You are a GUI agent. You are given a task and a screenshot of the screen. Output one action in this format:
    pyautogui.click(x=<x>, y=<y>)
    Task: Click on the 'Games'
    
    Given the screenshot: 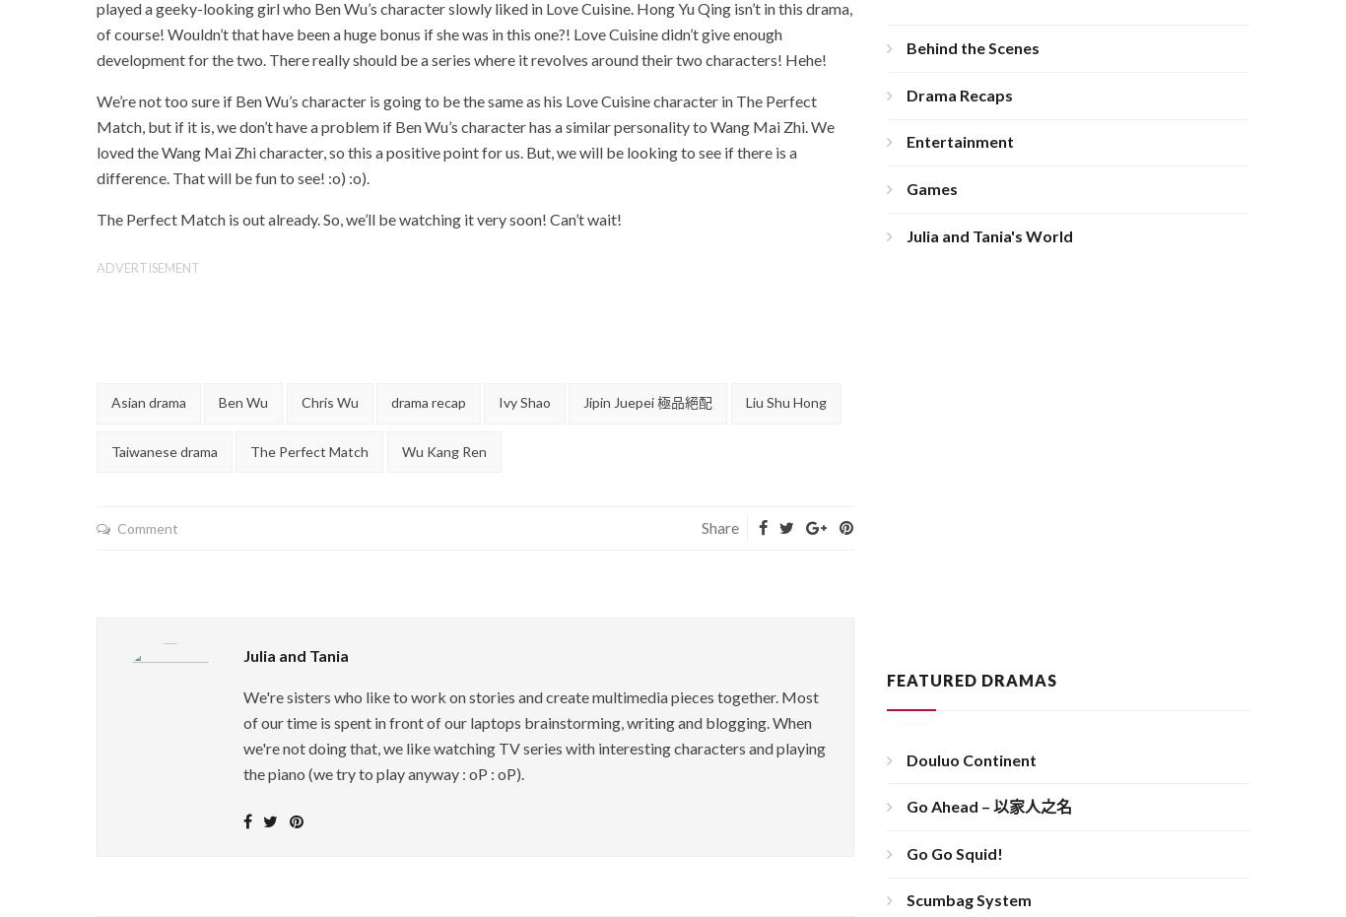 What is the action you would take?
    pyautogui.click(x=931, y=187)
    